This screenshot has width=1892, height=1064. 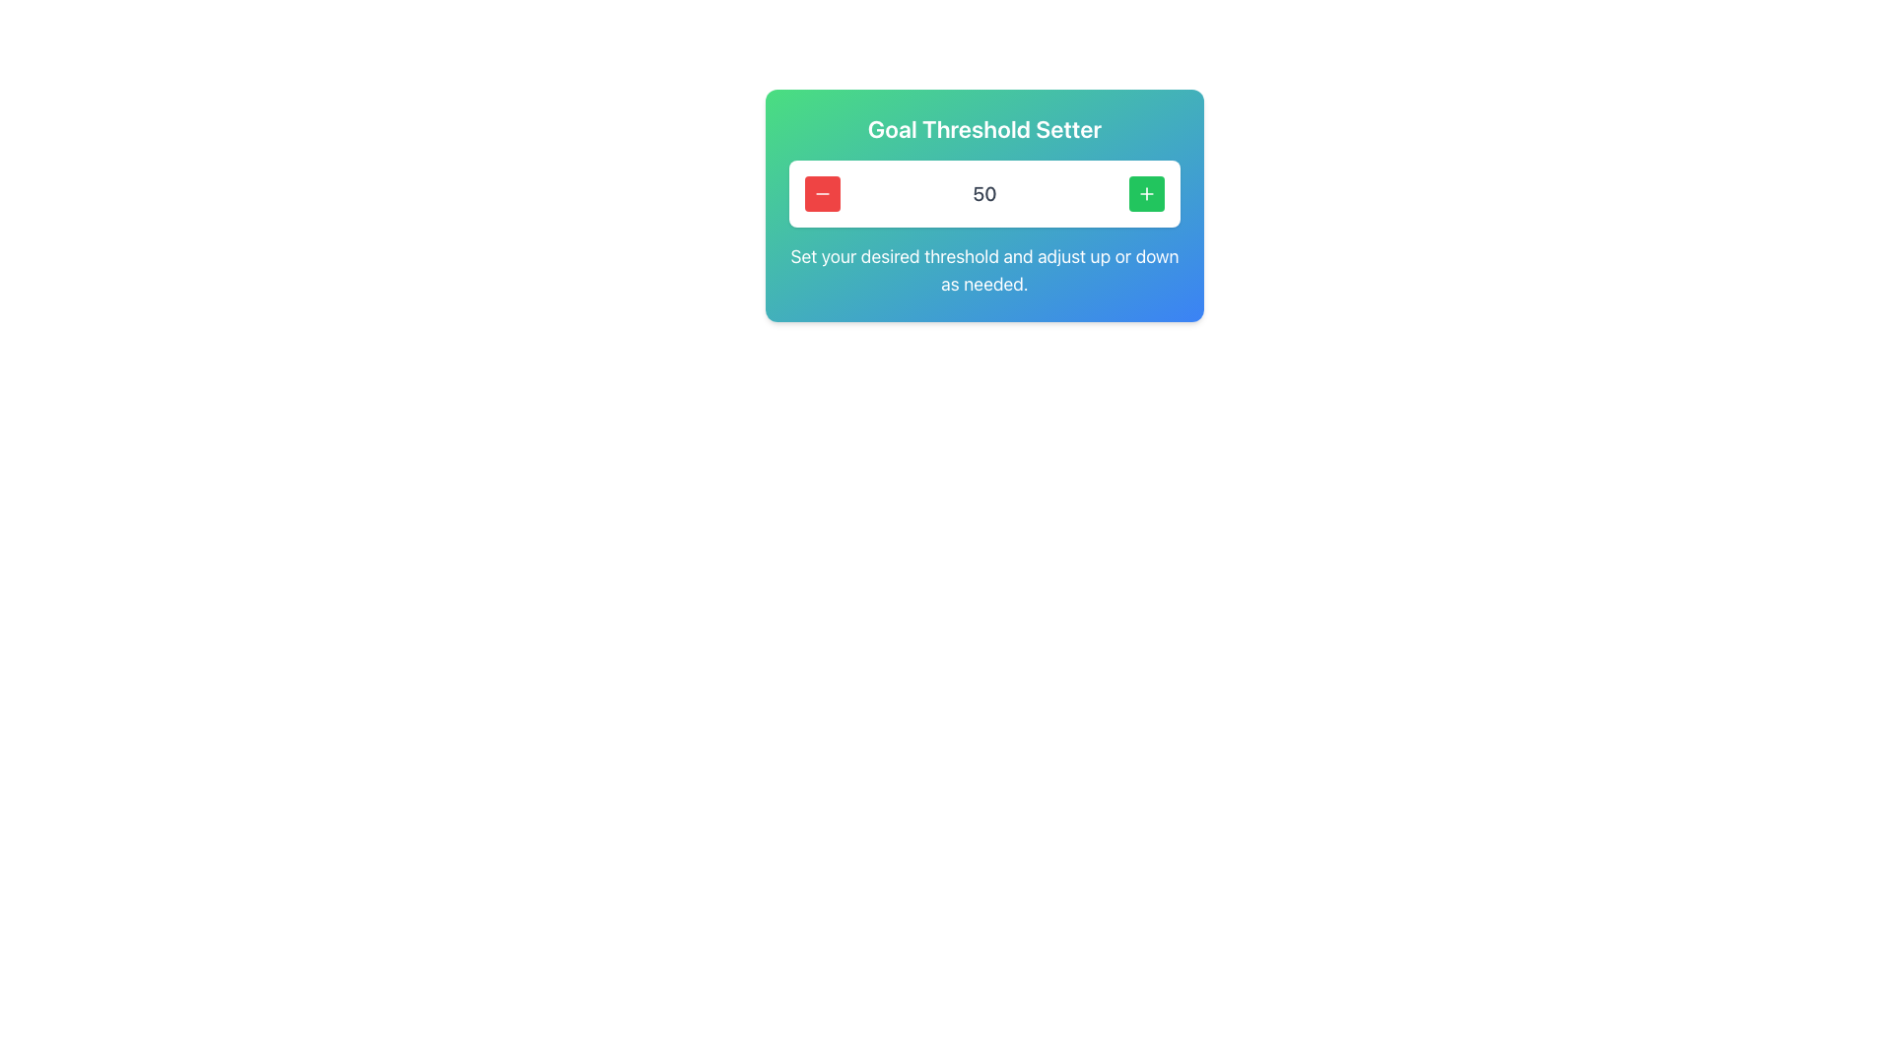 What do you see at coordinates (1146, 193) in the screenshot?
I see `the green circular button with a white plus icon located at the top-right of the central numeric input area in the 'Goal Threshold Setter' card to increase the value` at bounding box center [1146, 193].